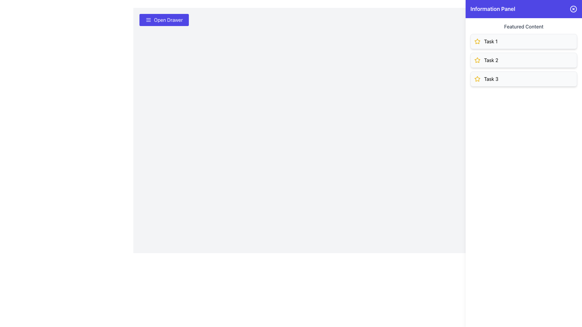 This screenshot has width=582, height=327. What do you see at coordinates (477, 41) in the screenshot?
I see `the yellow star icon located in the 'Information Panel' next to the text 'Task 1'` at bounding box center [477, 41].